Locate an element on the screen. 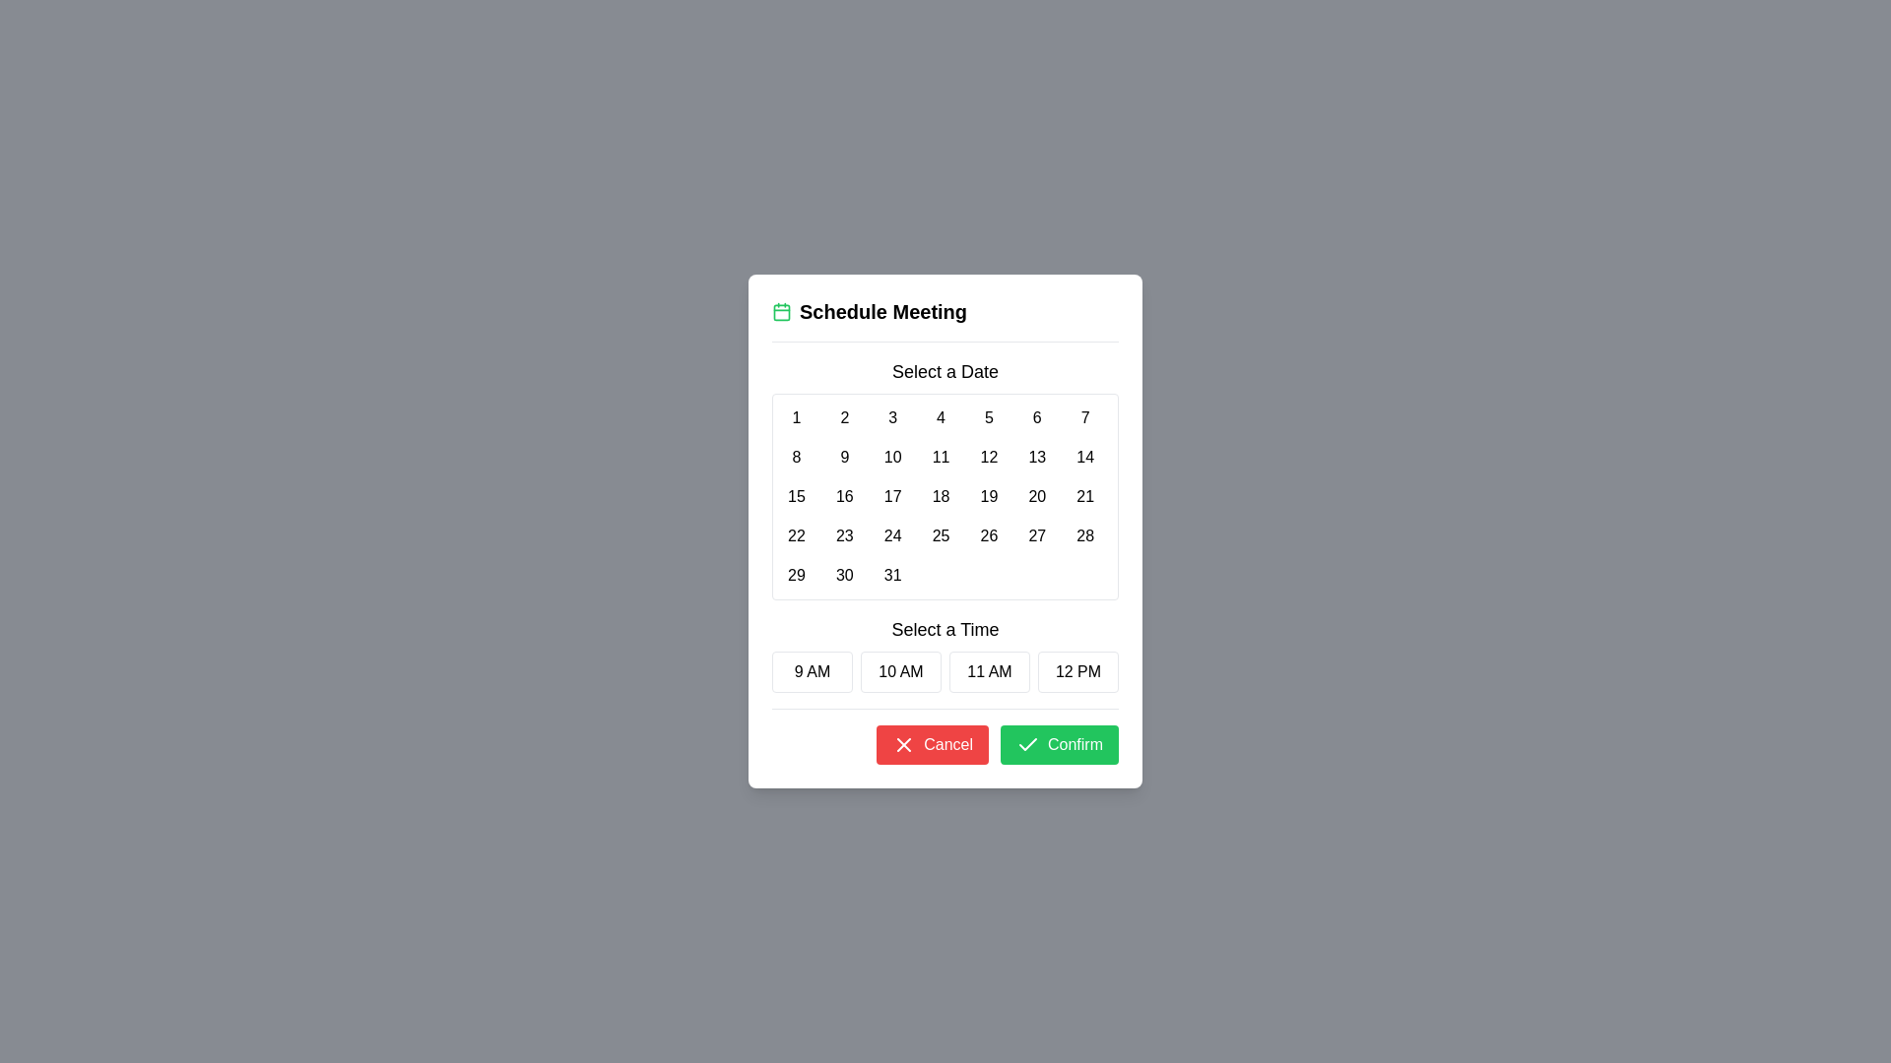 The width and height of the screenshot is (1891, 1063). the '9 AM' button, which is a rectangular button with rounded corners, styled with a white background and a thin border, located under the 'Select a Time' label is located at coordinates (813, 670).